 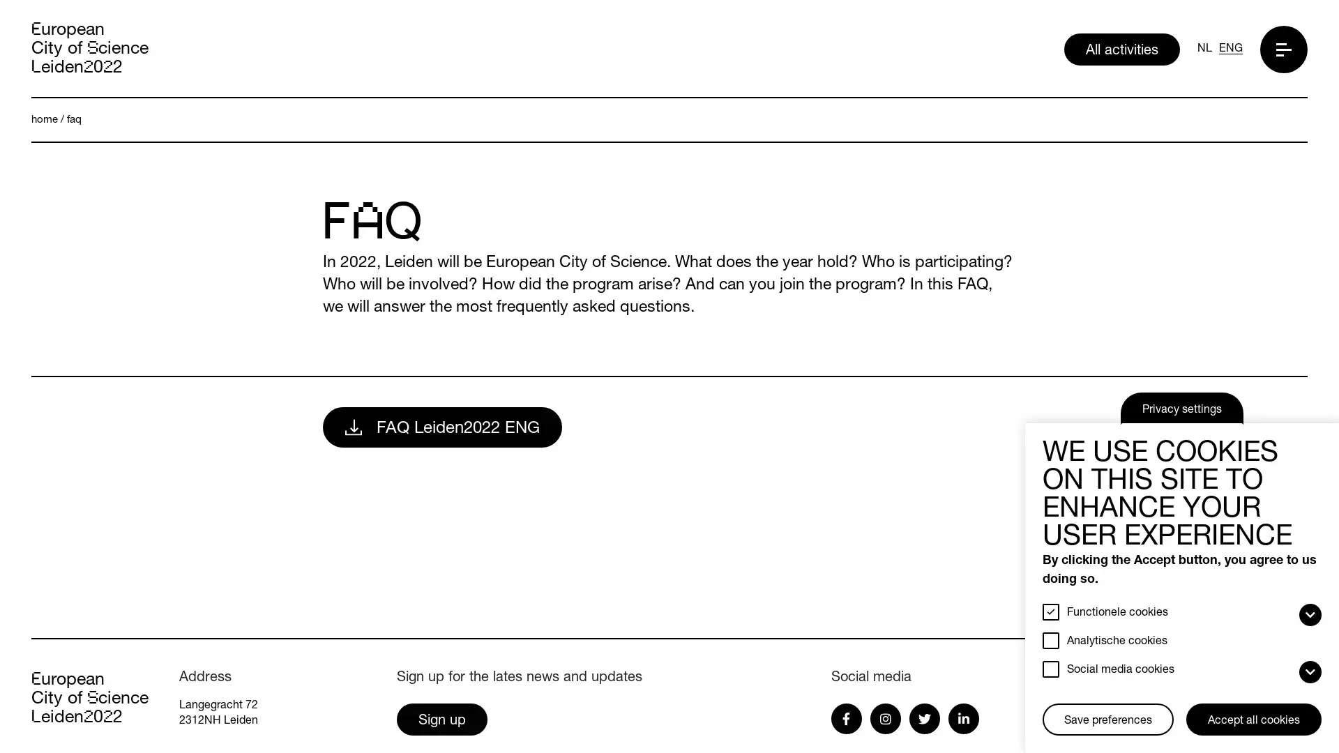 What do you see at coordinates (1254, 720) in the screenshot?
I see `Accept all cookies` at bounding box center [1254, 720].